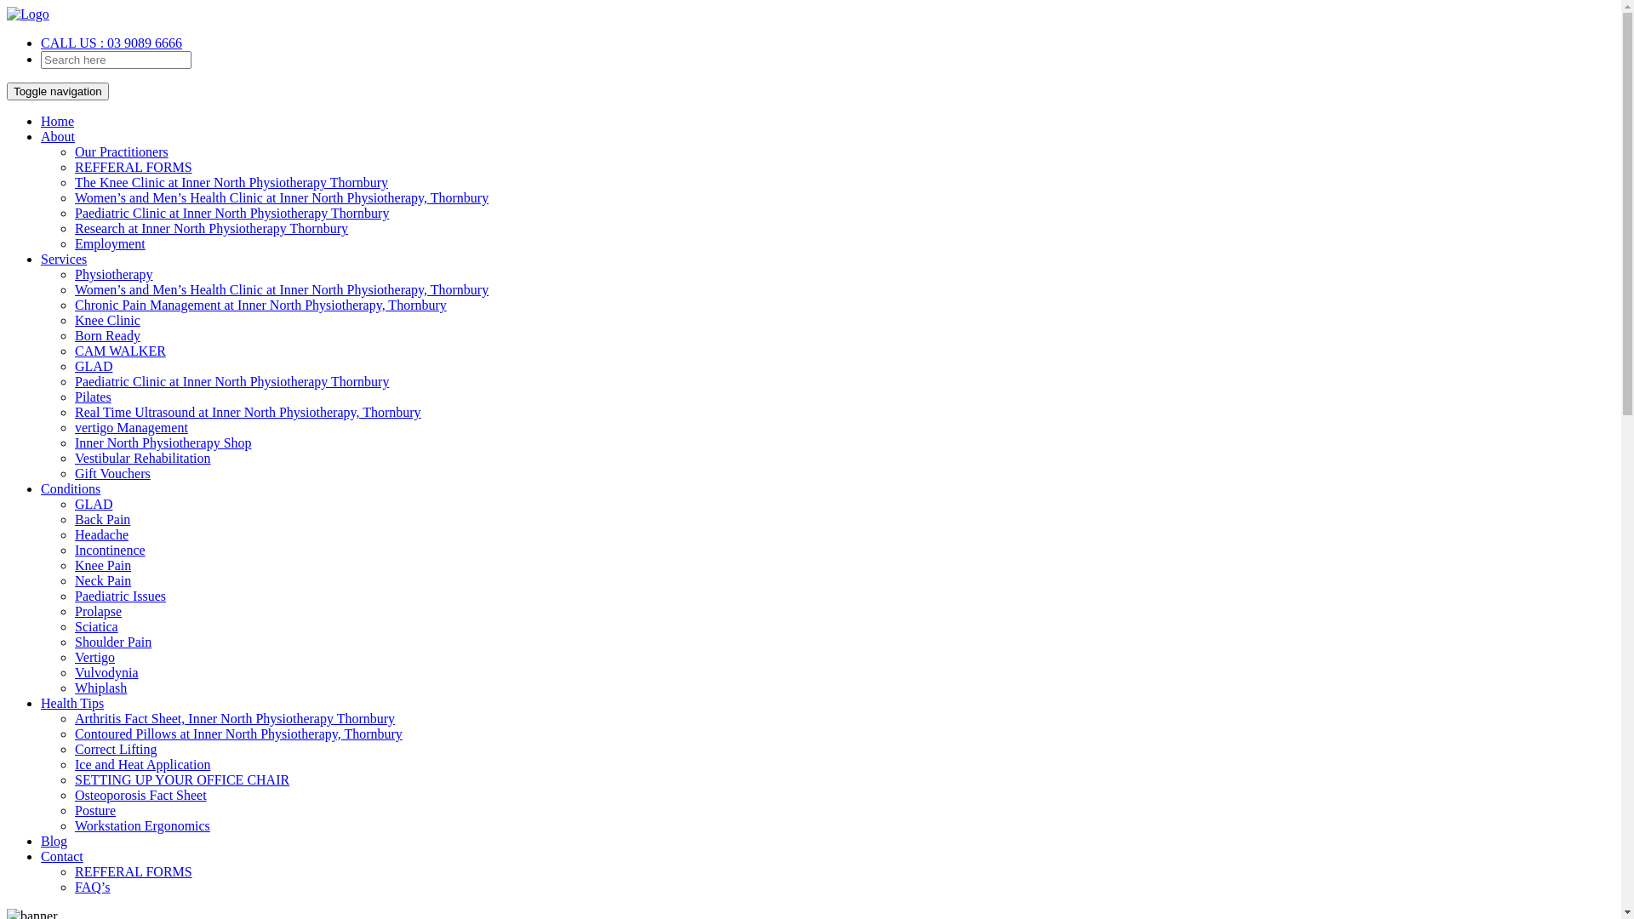 The image size is (1634, 919). Describe the element at coordinates (41, 488) in the screenshot. I see `'Conditions'` at that location.